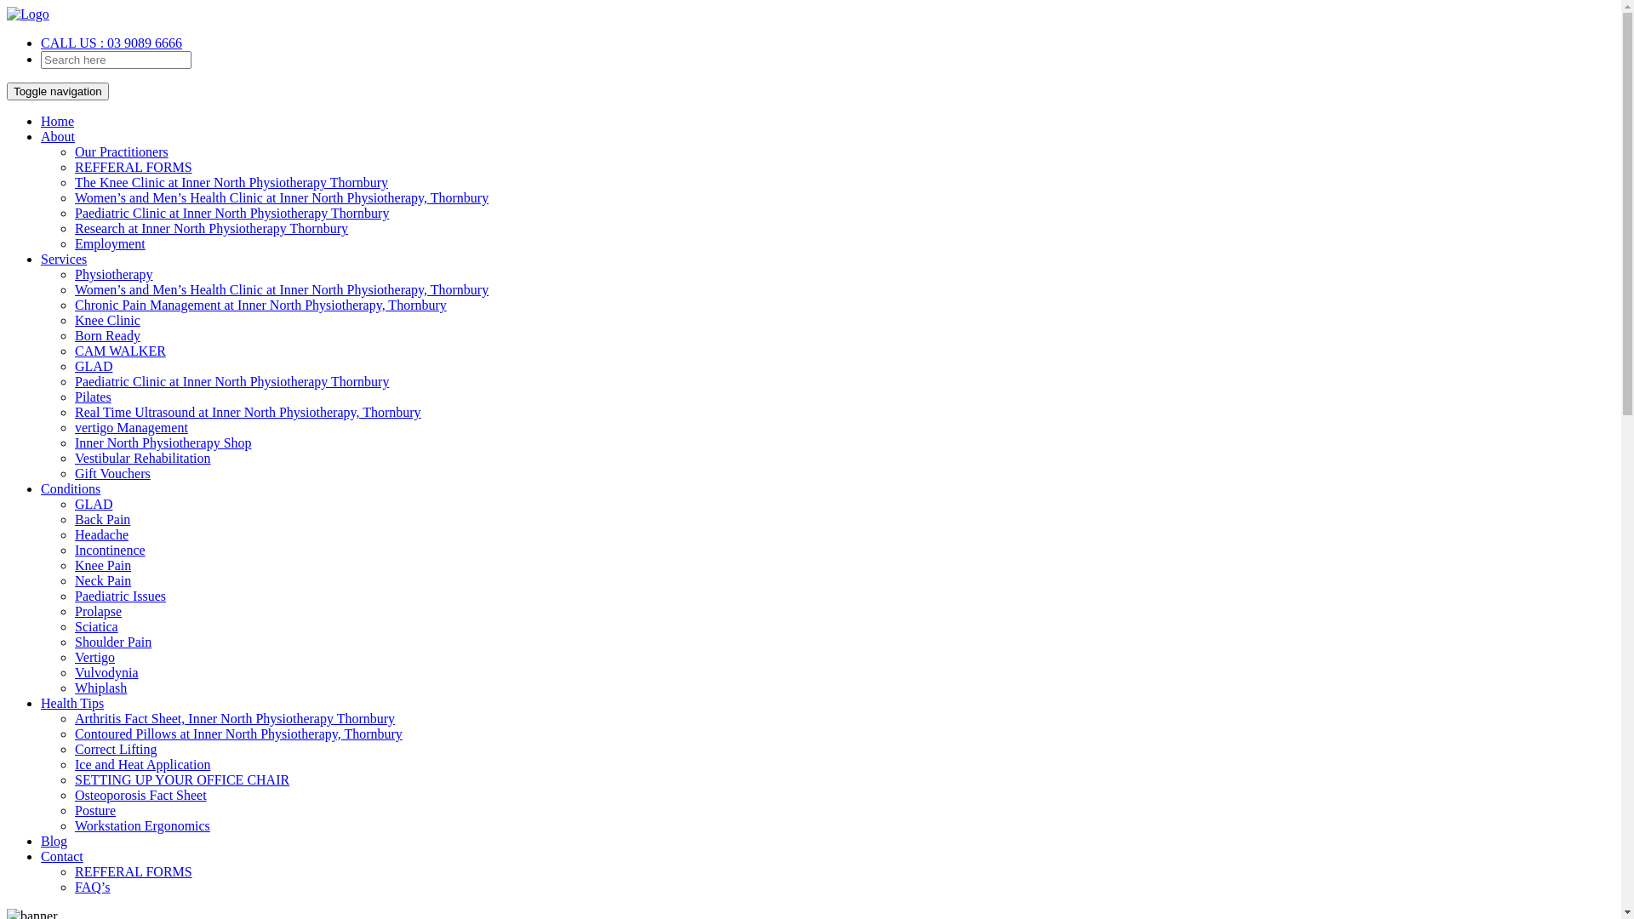 The image size is (1634, 919). Describe the element at coordinates (41, 488) in the screenshot. I see `'Conditions'` at that location.